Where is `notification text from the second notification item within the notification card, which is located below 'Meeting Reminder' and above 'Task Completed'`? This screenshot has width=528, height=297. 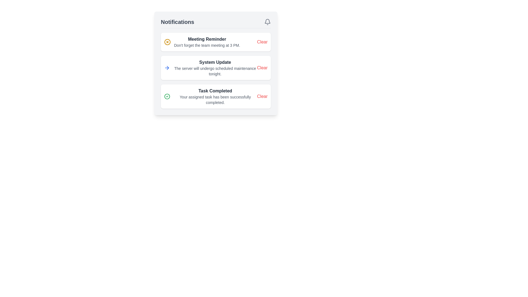 notification text from the second notification item within the notification card, which is located below 'Meeting Reminder' and above 'Task Completed' is located at coordinates (210, 67).